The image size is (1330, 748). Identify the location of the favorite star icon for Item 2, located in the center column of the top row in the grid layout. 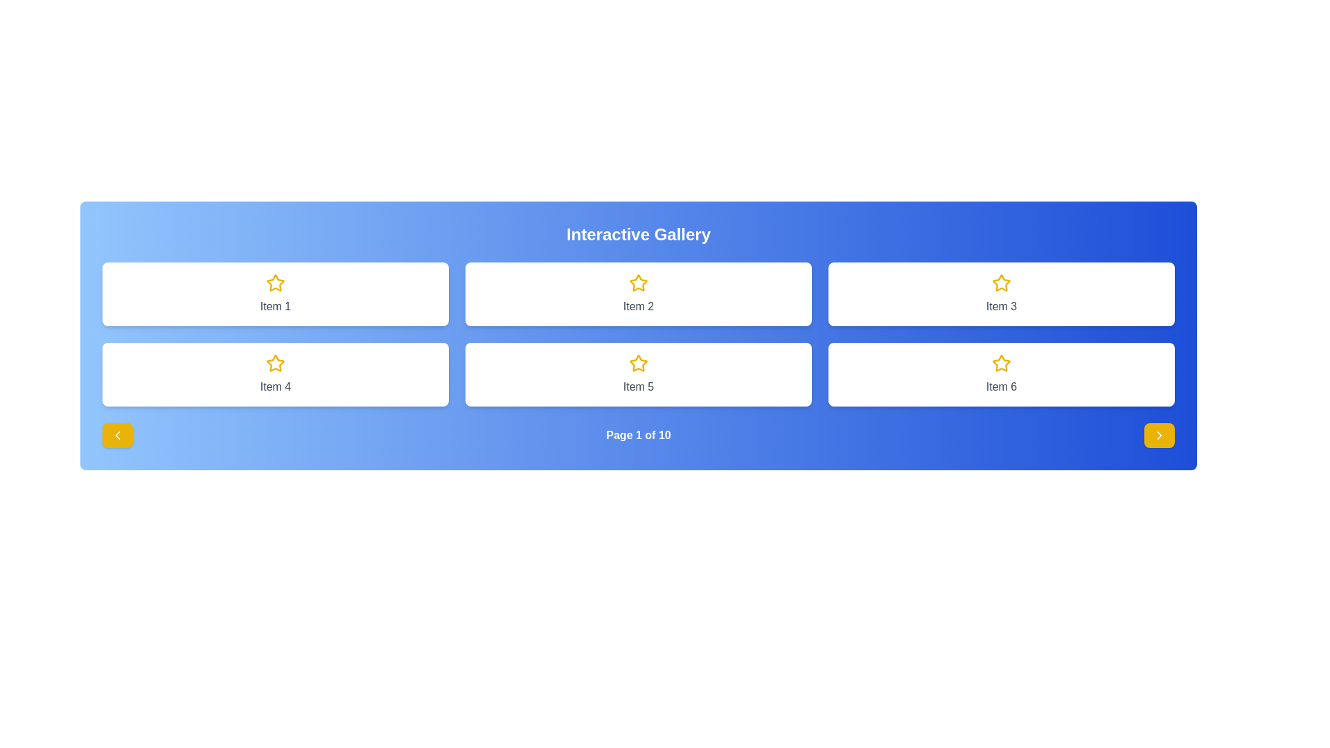
(637, 282).